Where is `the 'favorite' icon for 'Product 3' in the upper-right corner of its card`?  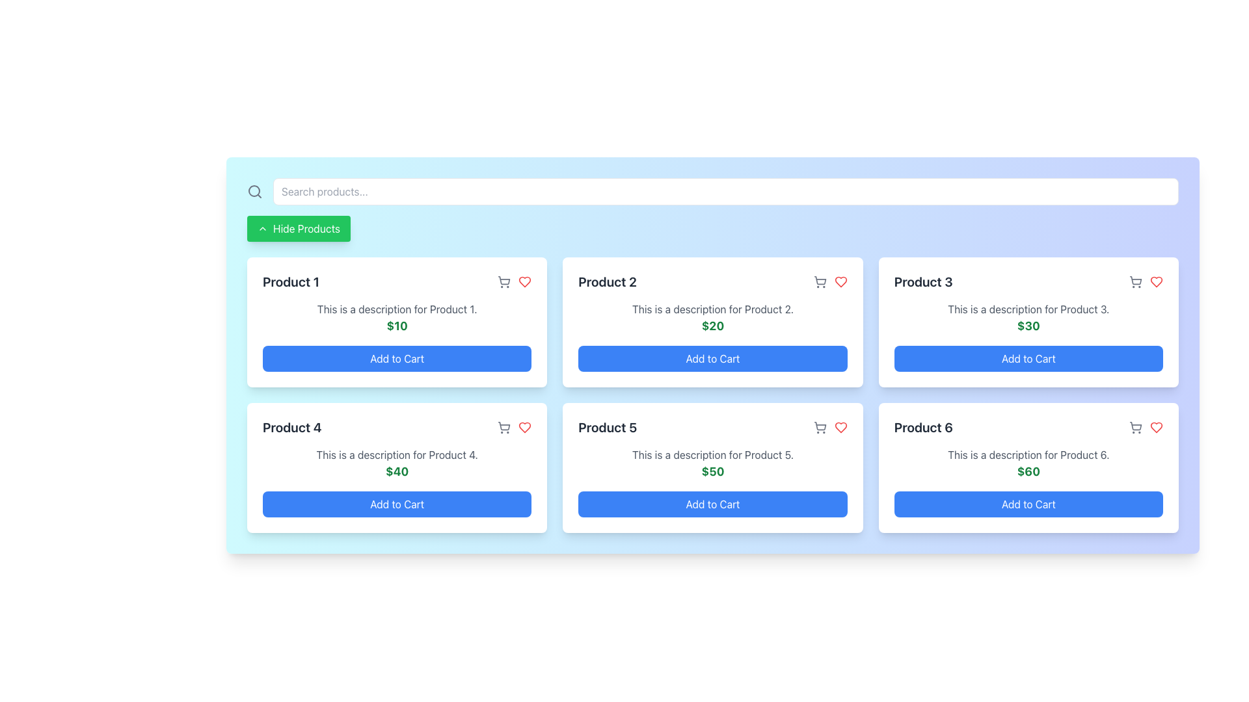 the 'favorite' icon for 'Product 3' in the upper-right corner of its card is located at coordinates (1156, 281).